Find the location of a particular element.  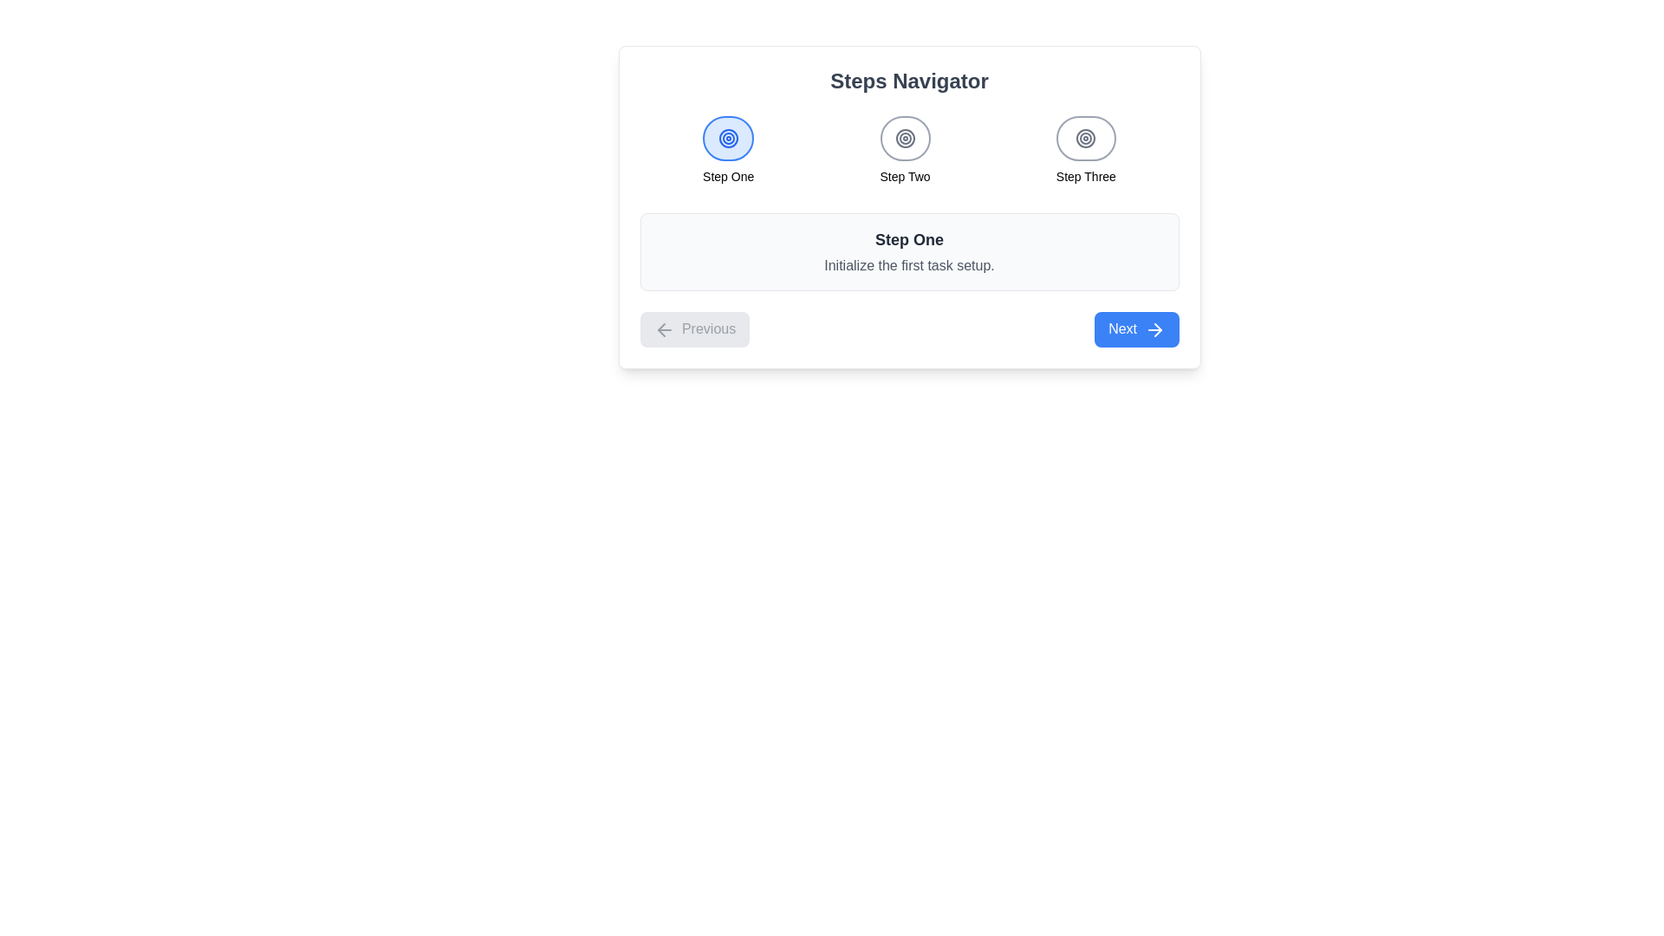

the second step indicator element in the navigation bar is located at coordinates (904, 149).